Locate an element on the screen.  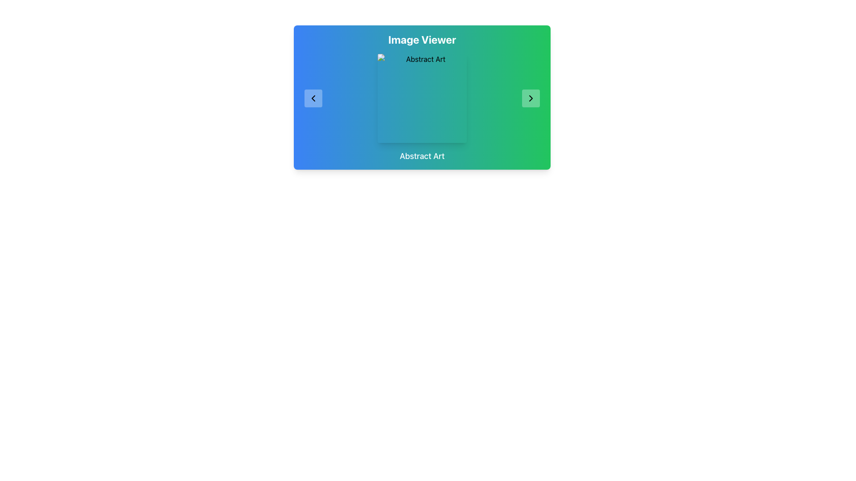
the right-pointing black arrow icon within the SVG element to invoke navigation is located at coordinates (531, 98).